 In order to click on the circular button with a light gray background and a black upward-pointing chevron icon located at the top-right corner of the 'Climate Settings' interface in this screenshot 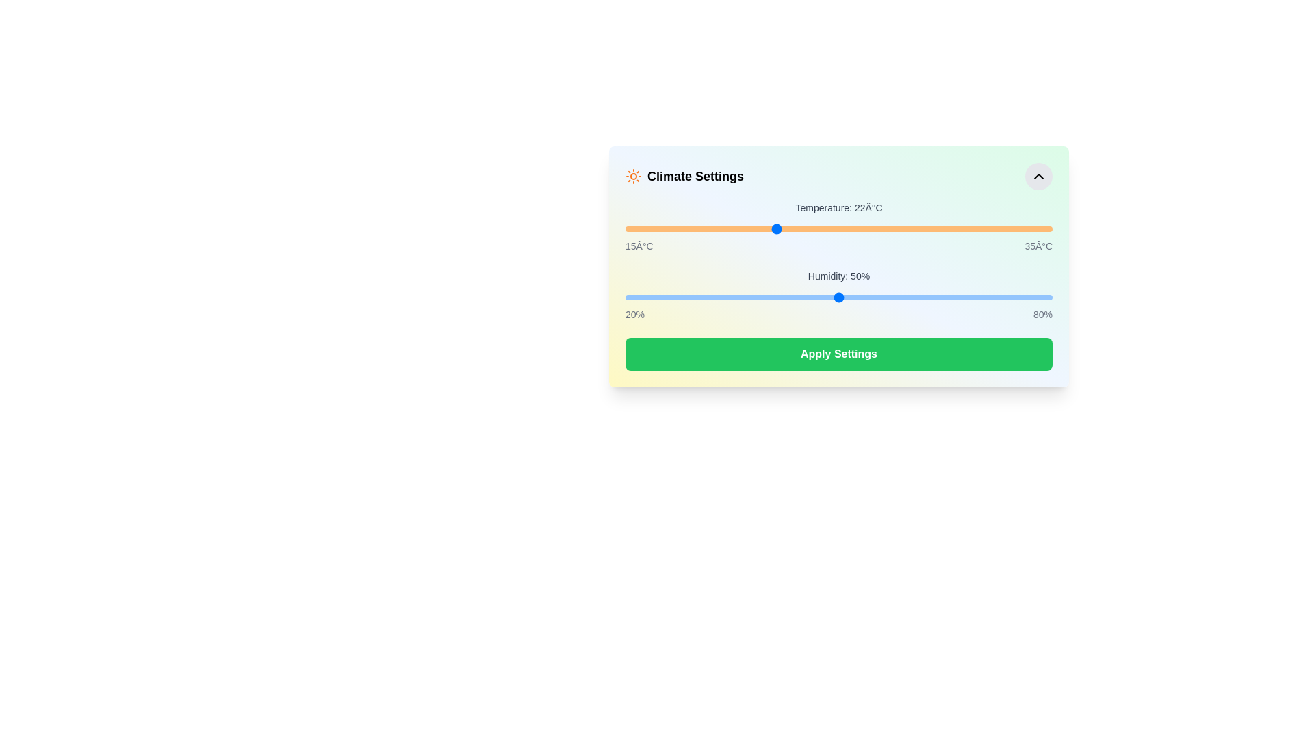, I will do `click(1038, 176)`.